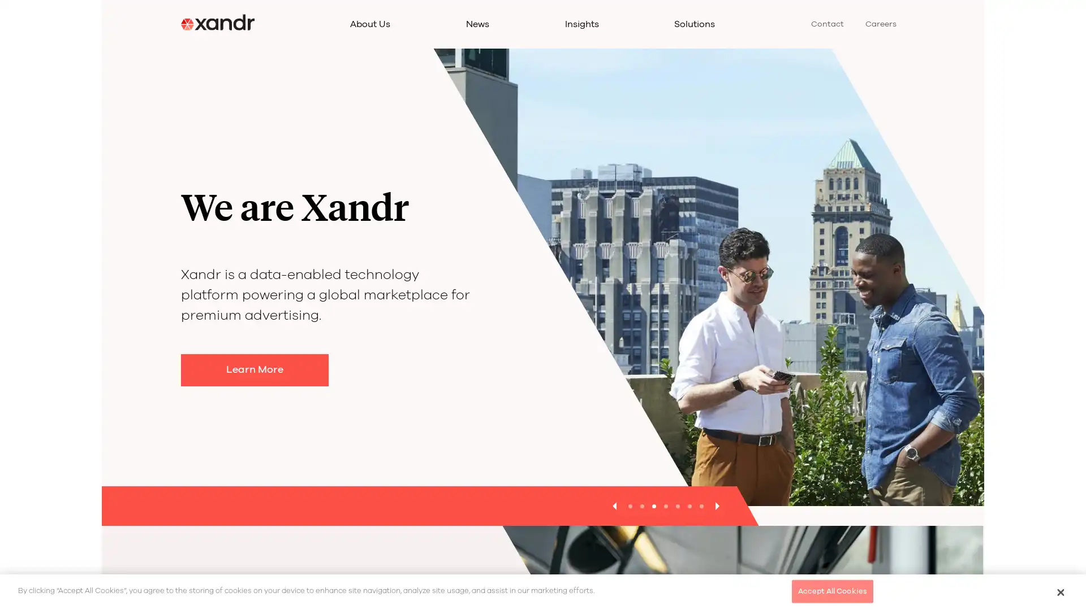  I want to click on Accept All Cookies, so click(832, 590).